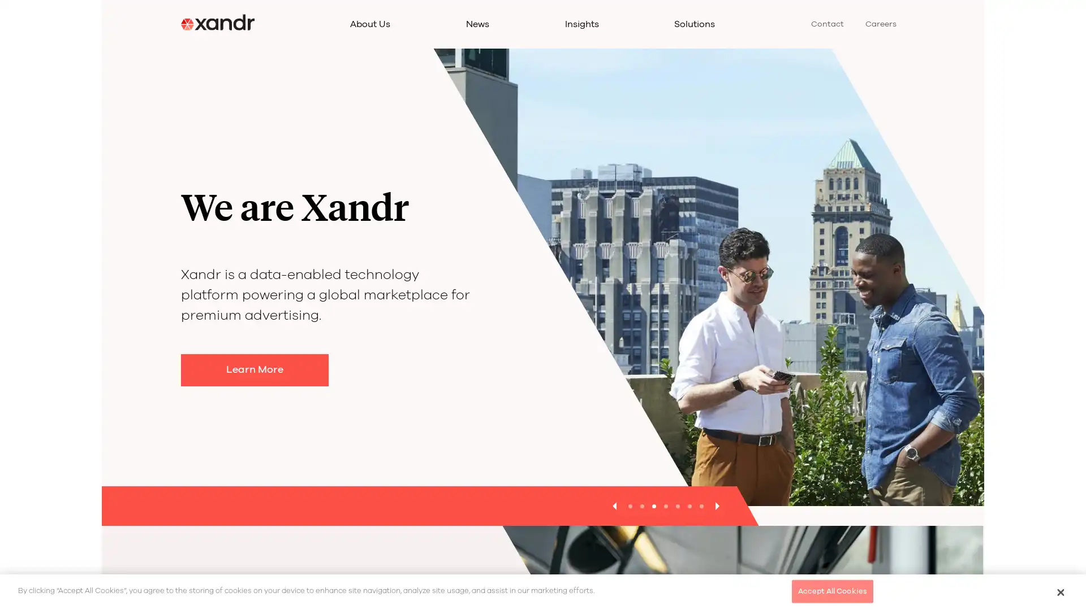  I want to click on Accept All Cookies, so click(832, 590).